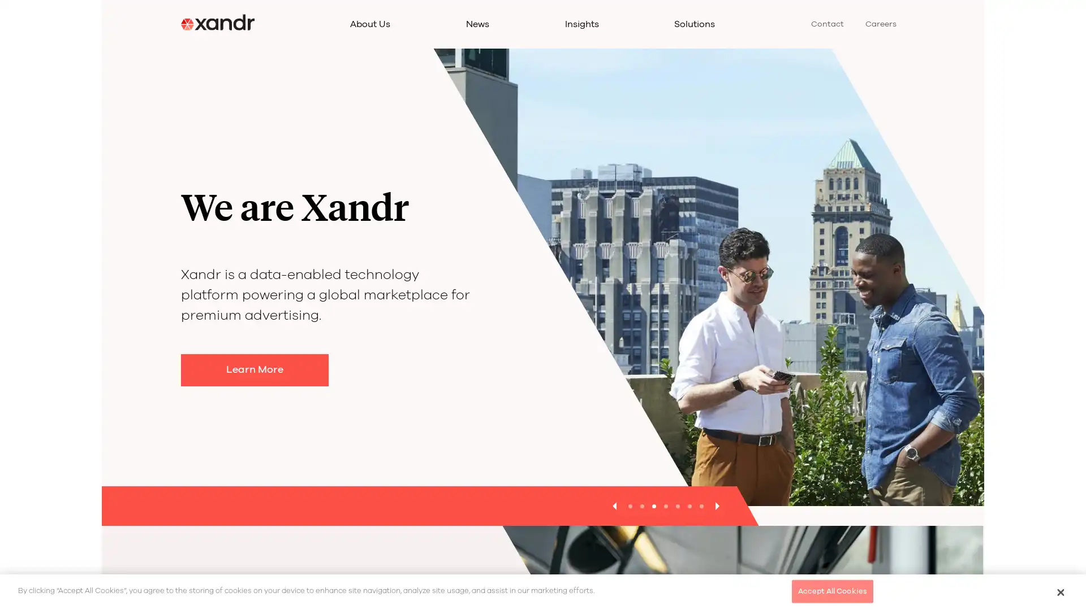  I want to click on Accept All Cookies, so click(832, 590).